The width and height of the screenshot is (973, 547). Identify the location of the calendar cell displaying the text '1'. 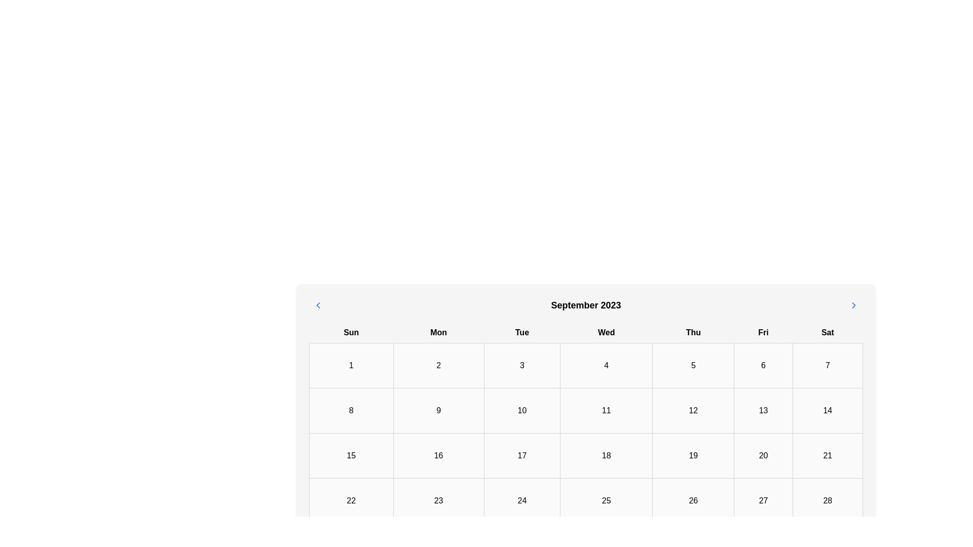
(351, 365).